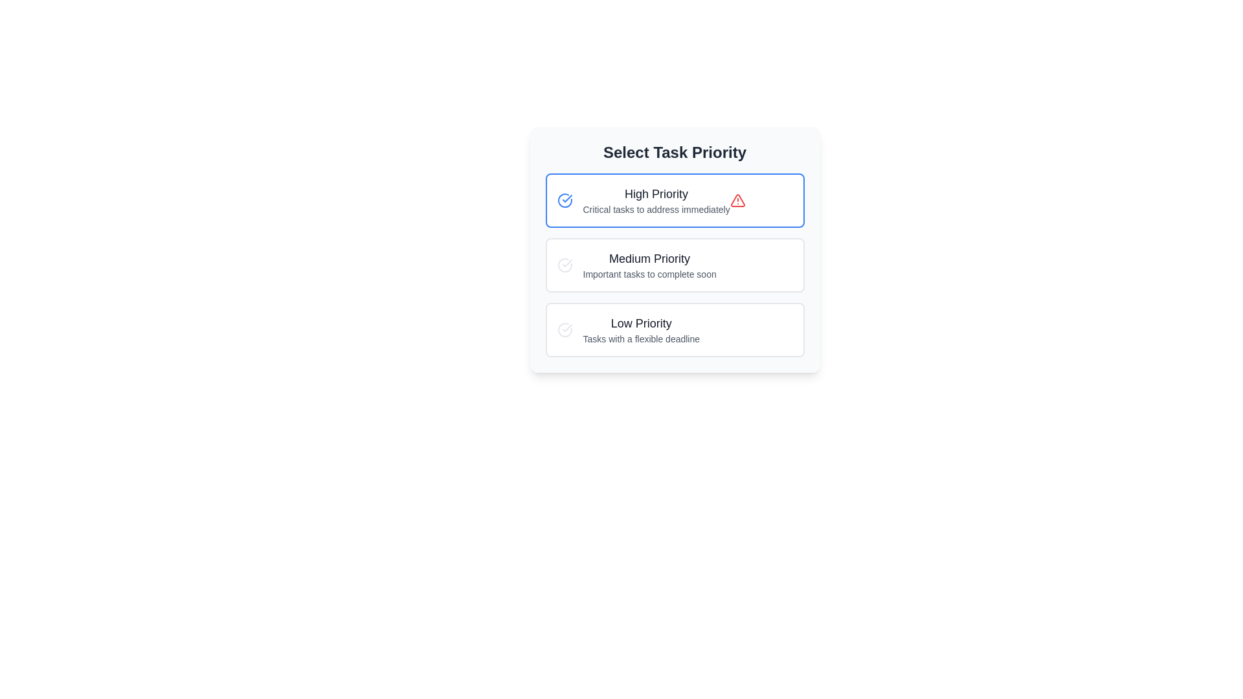  I want to click on the 'High Priority' static text, which is styled in bold and located at the top-left section of the first selectable card indicating high-priority tasks, so click(656, 194).